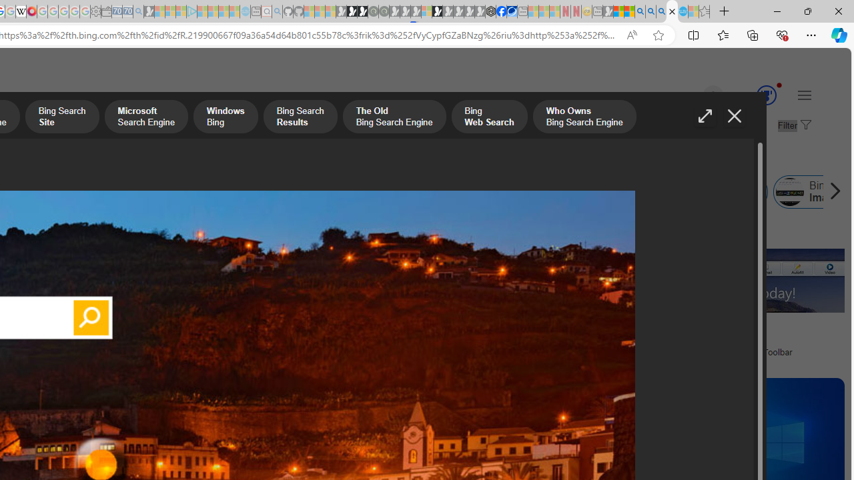  Describe the element at coordinates (299, 117) in the screenshot. I see `'Bing Search Results'` at that location.